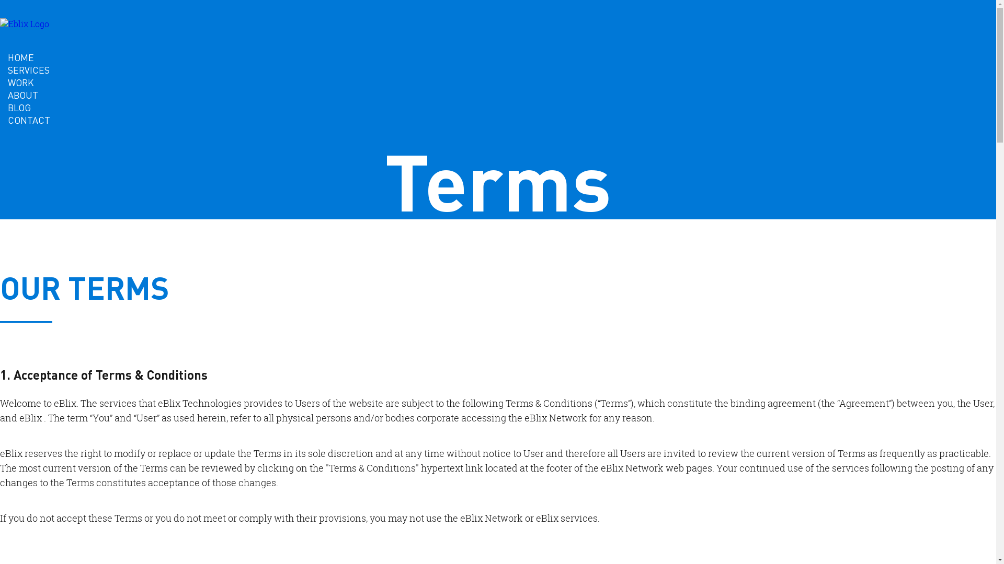 This screenshot has width=1004, height=564. Describe the element at coordinates (20, 81) in the screenshot. I see `'WORK'` at that location.